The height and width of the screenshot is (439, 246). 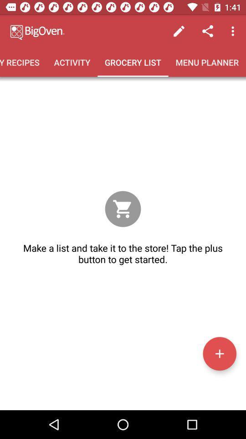 What do you see at coordinates (219, 353) in the screenshot?
I see `to list` at bounding box center [219, 353].